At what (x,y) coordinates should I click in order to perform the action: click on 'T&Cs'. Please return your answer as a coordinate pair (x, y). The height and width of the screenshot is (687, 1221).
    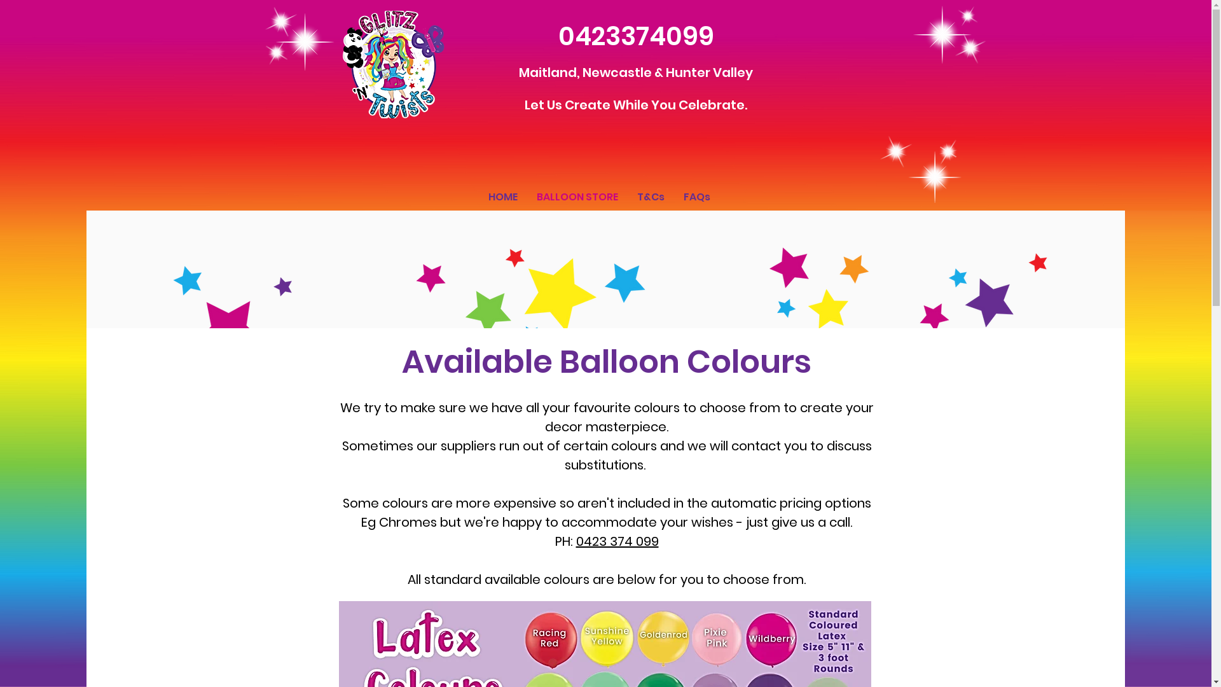
    Looking at the image, I should click on (650, 197).